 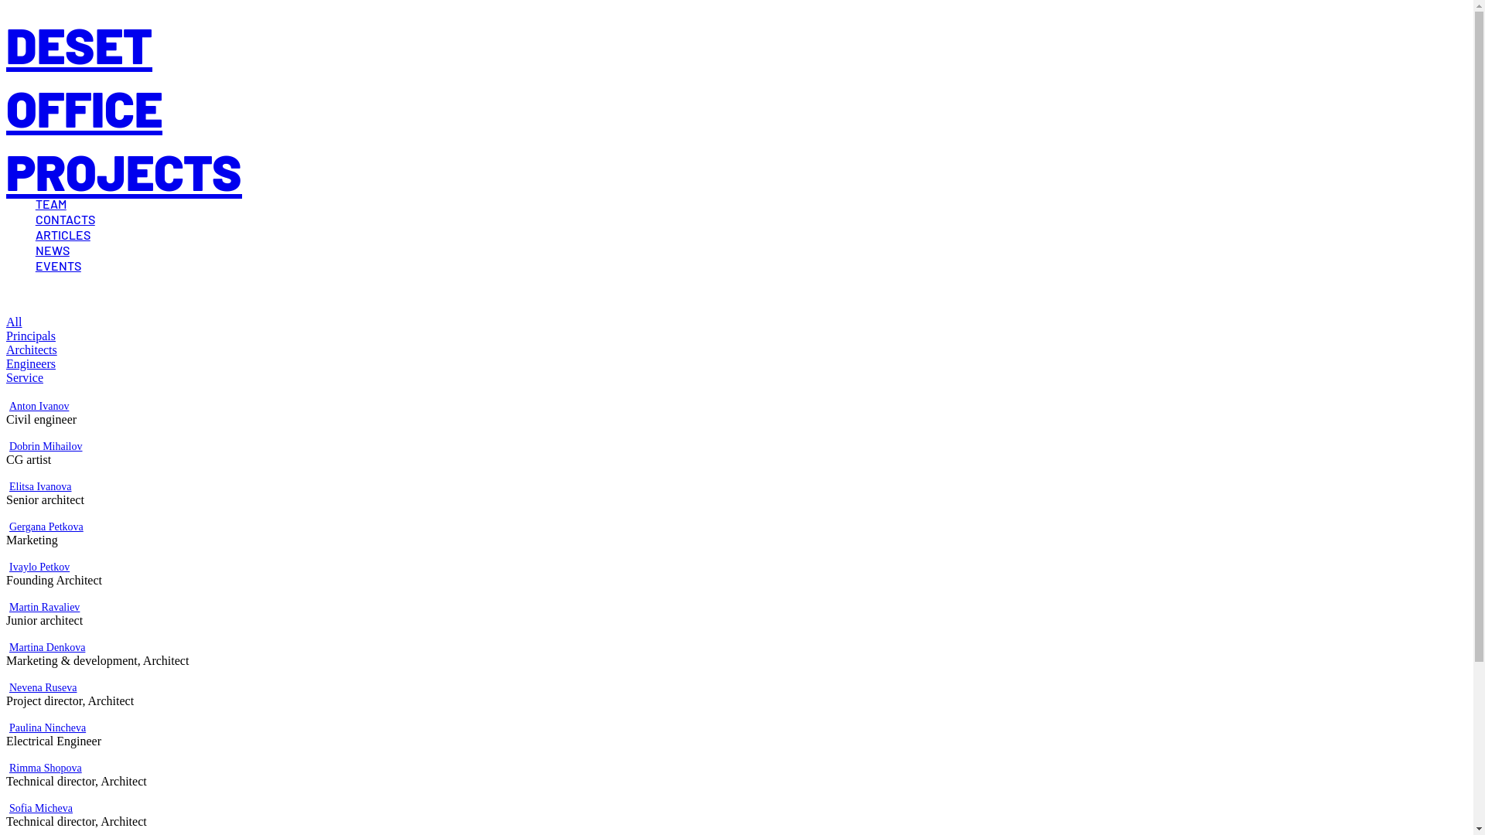 What do you see at coordinates (39, 567) in the screenshot?
I see `'Ivaylo Petkov'` at bounding box center [39, 567].